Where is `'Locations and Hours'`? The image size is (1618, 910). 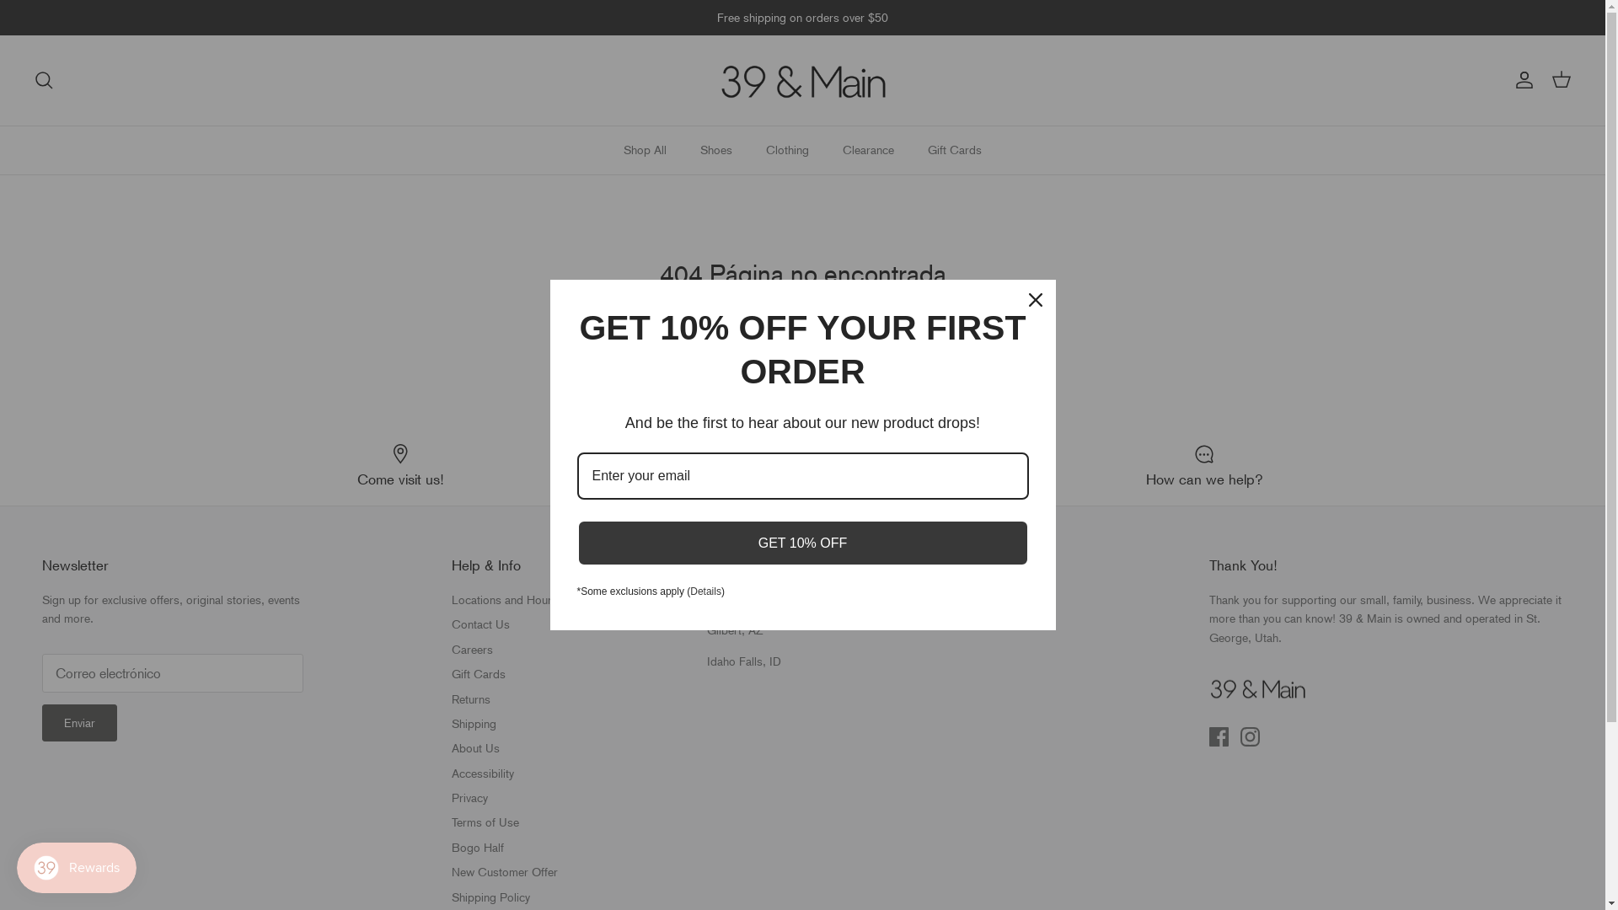
'Locations and Hours' is located at coordinates (452, 599).